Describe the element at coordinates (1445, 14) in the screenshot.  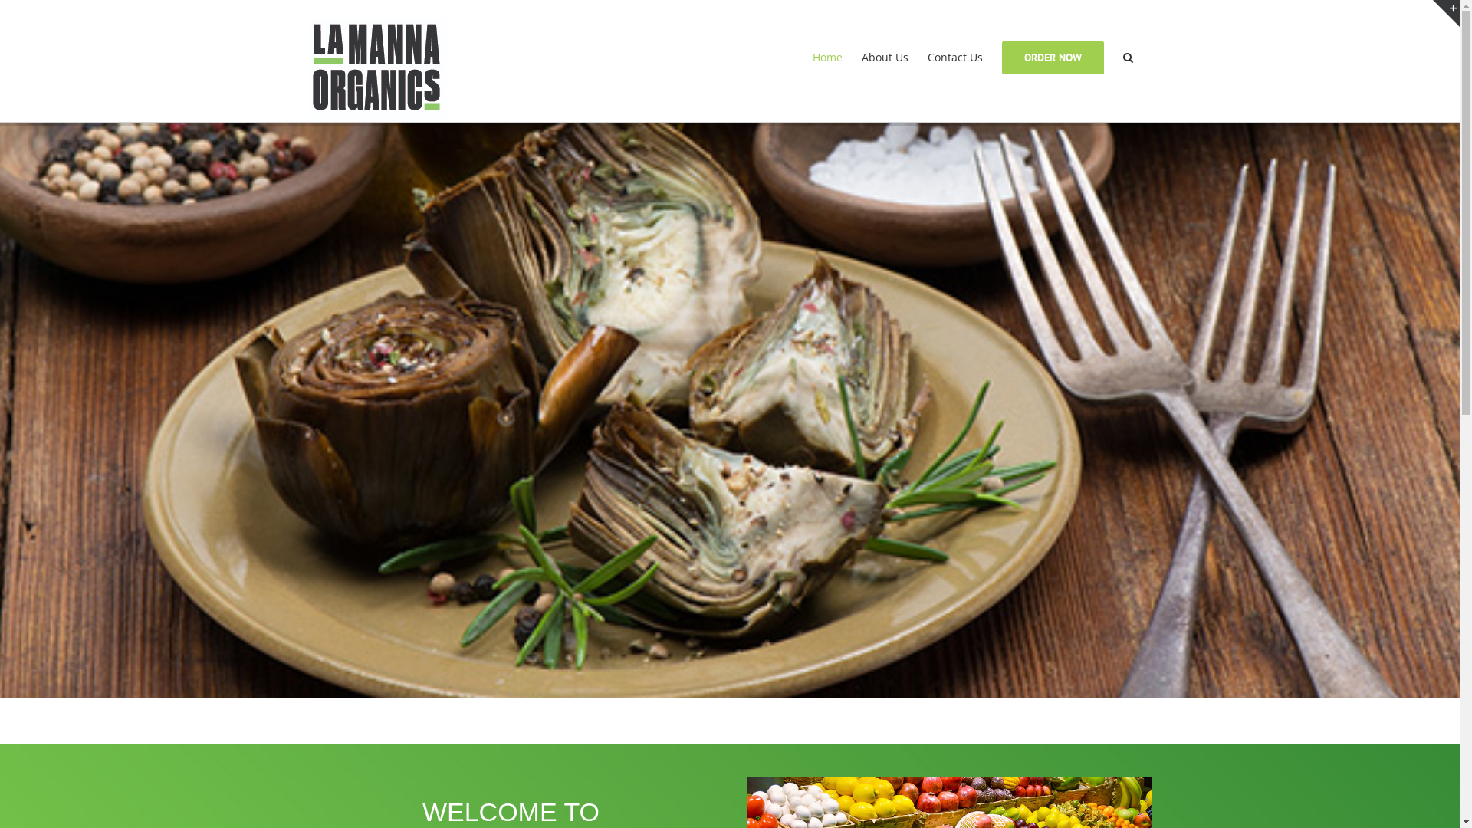
I see `'Toggle Sliding Bar Area'` at that location.